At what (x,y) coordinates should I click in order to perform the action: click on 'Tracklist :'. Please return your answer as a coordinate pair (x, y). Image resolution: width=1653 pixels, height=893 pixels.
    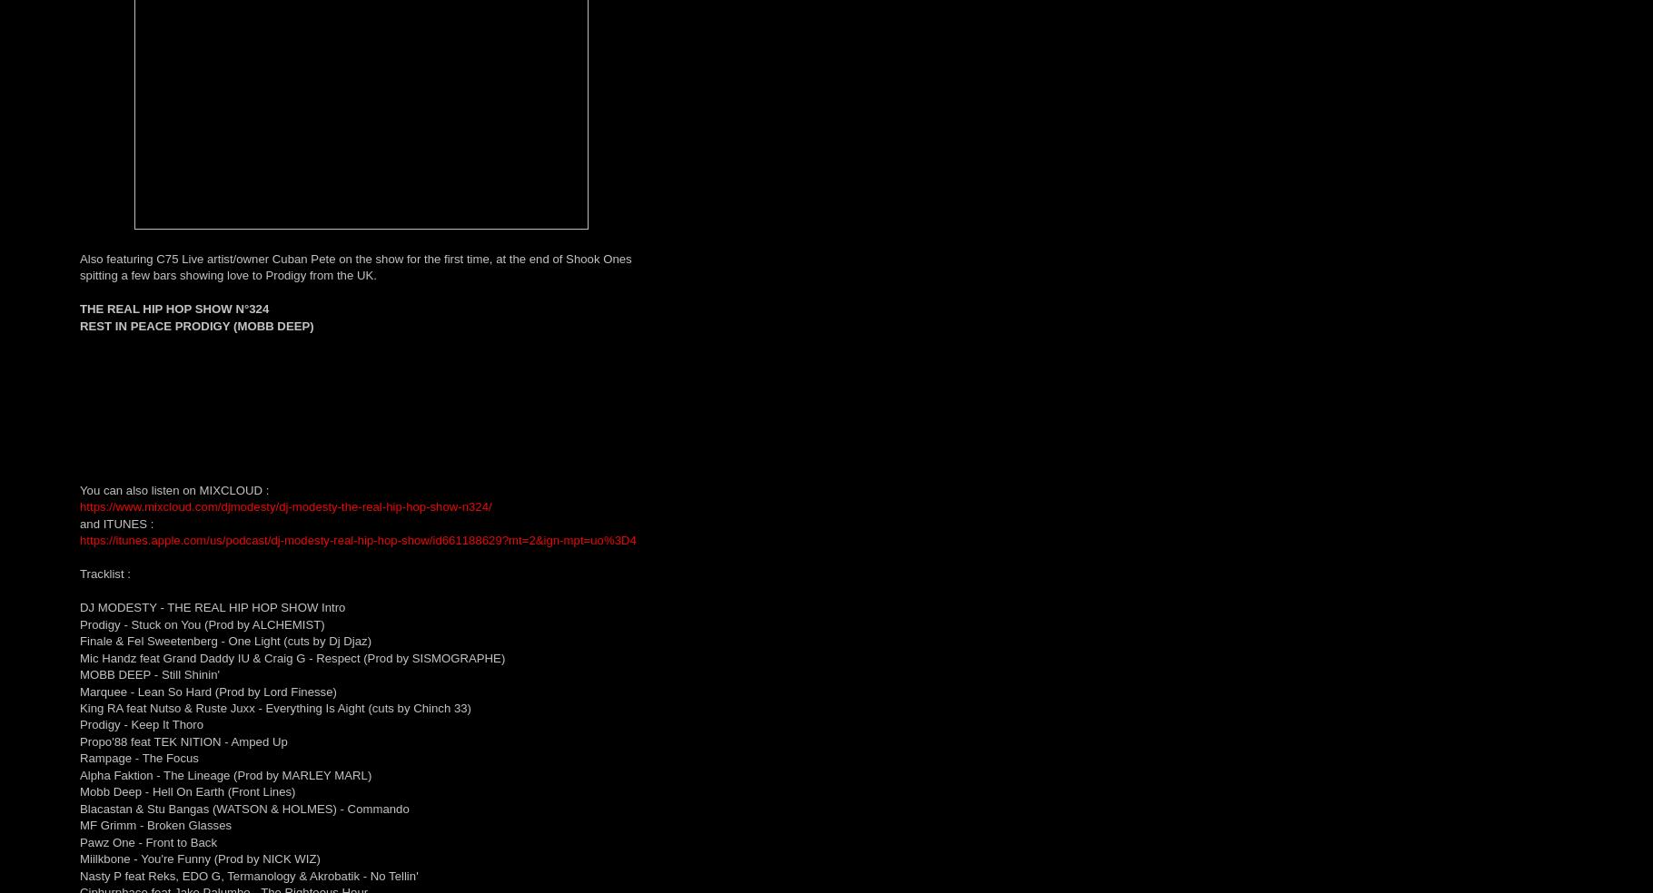
    Looking at the image, I should click on (104, 574).